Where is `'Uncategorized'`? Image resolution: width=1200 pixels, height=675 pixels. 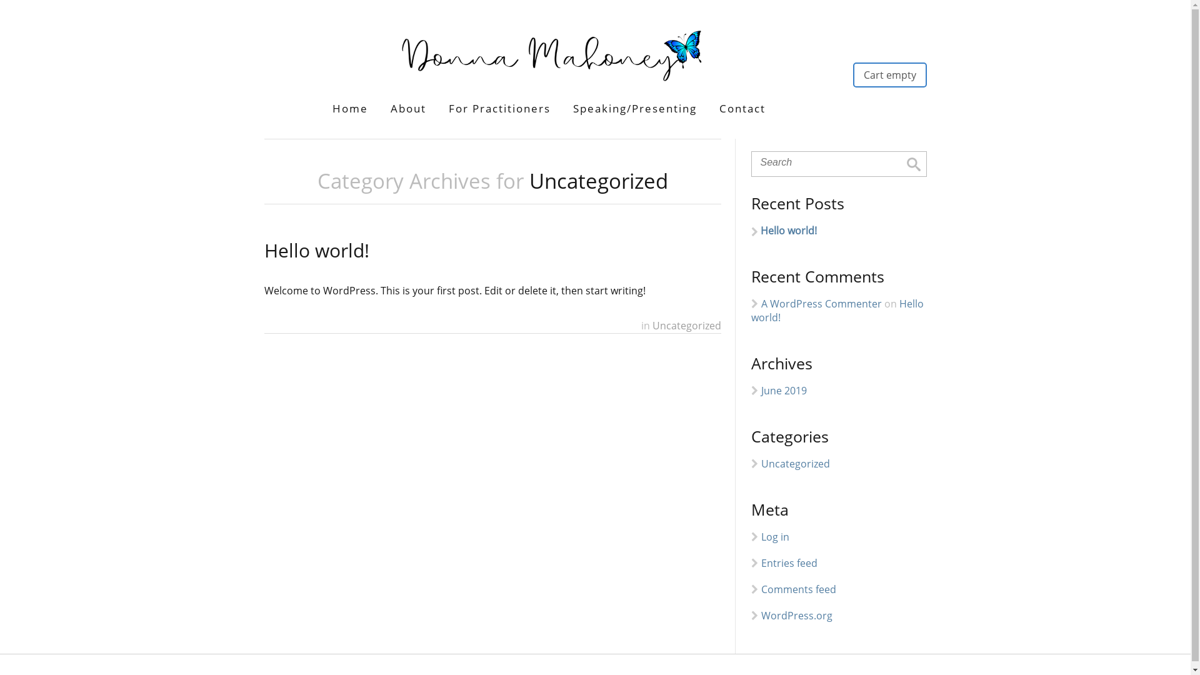 'Uncategorized' is located at coordinates (761, 463).